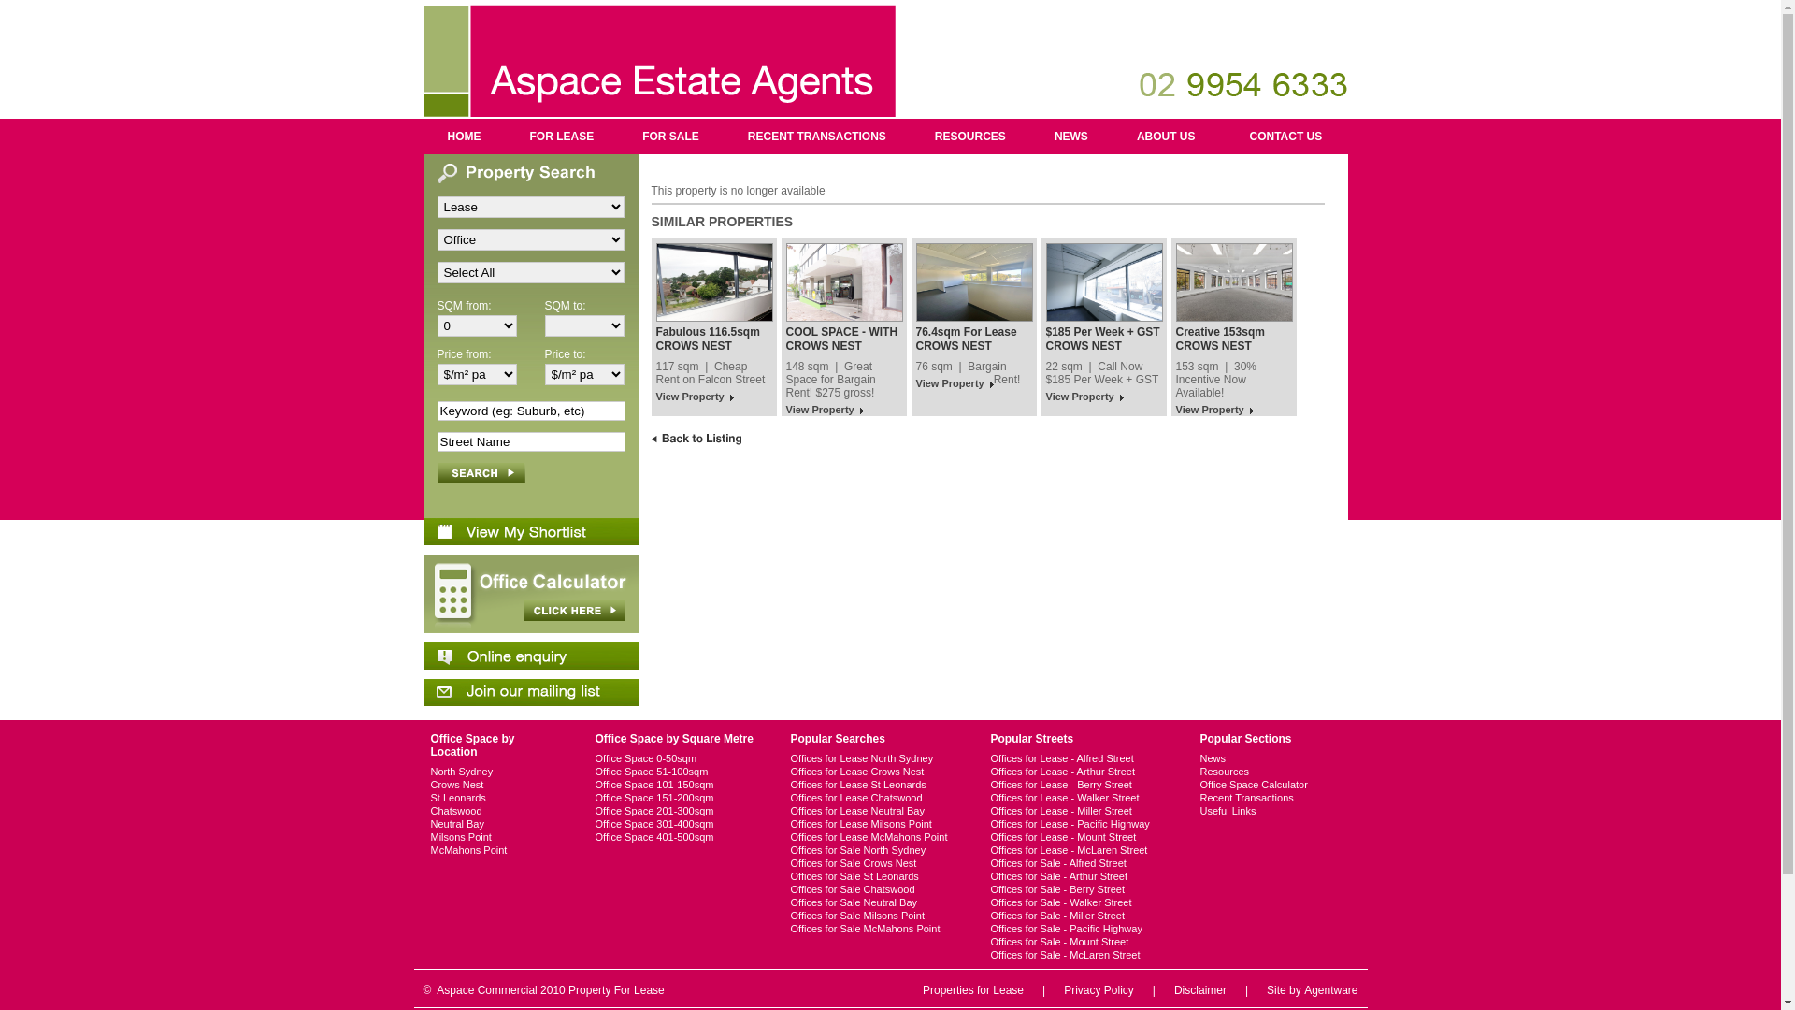  What do you see at coordinates (421, 594) in the screenshot?
I see `'calculator'` at bounding box center [421, 594].